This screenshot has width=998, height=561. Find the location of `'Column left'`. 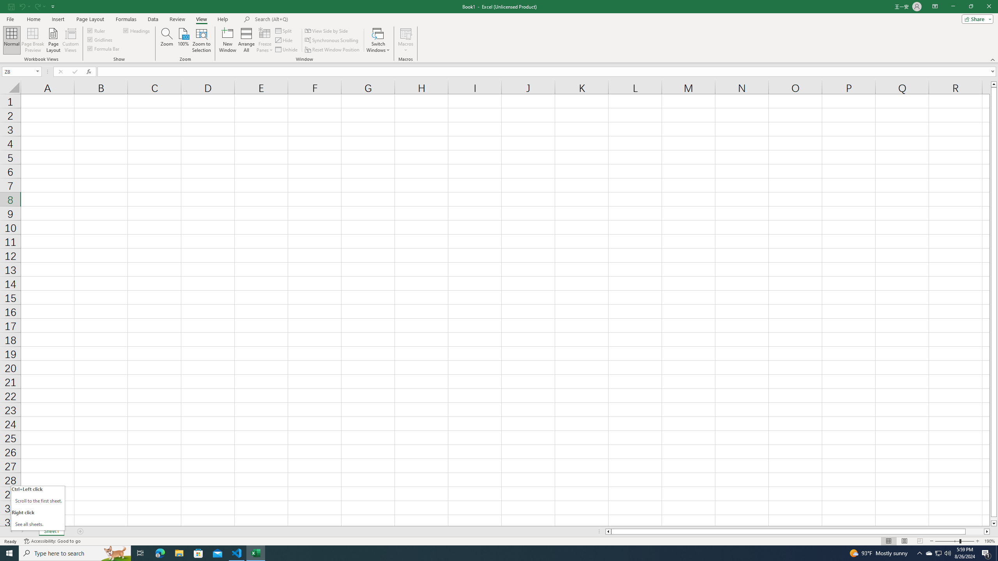

'Column left' is located at coordinates (607, 531).